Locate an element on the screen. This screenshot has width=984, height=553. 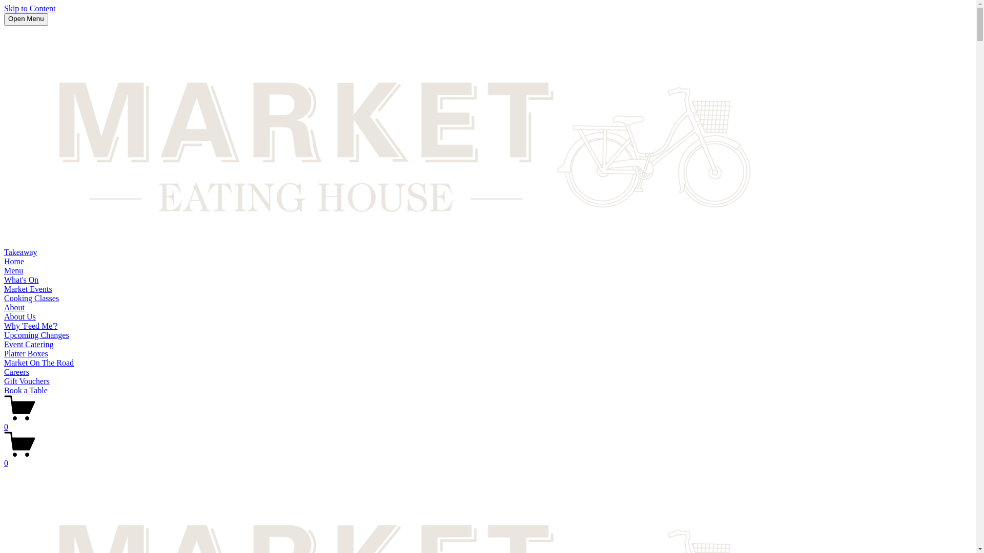
'Takeaway' is located at coordinates (4, 252).